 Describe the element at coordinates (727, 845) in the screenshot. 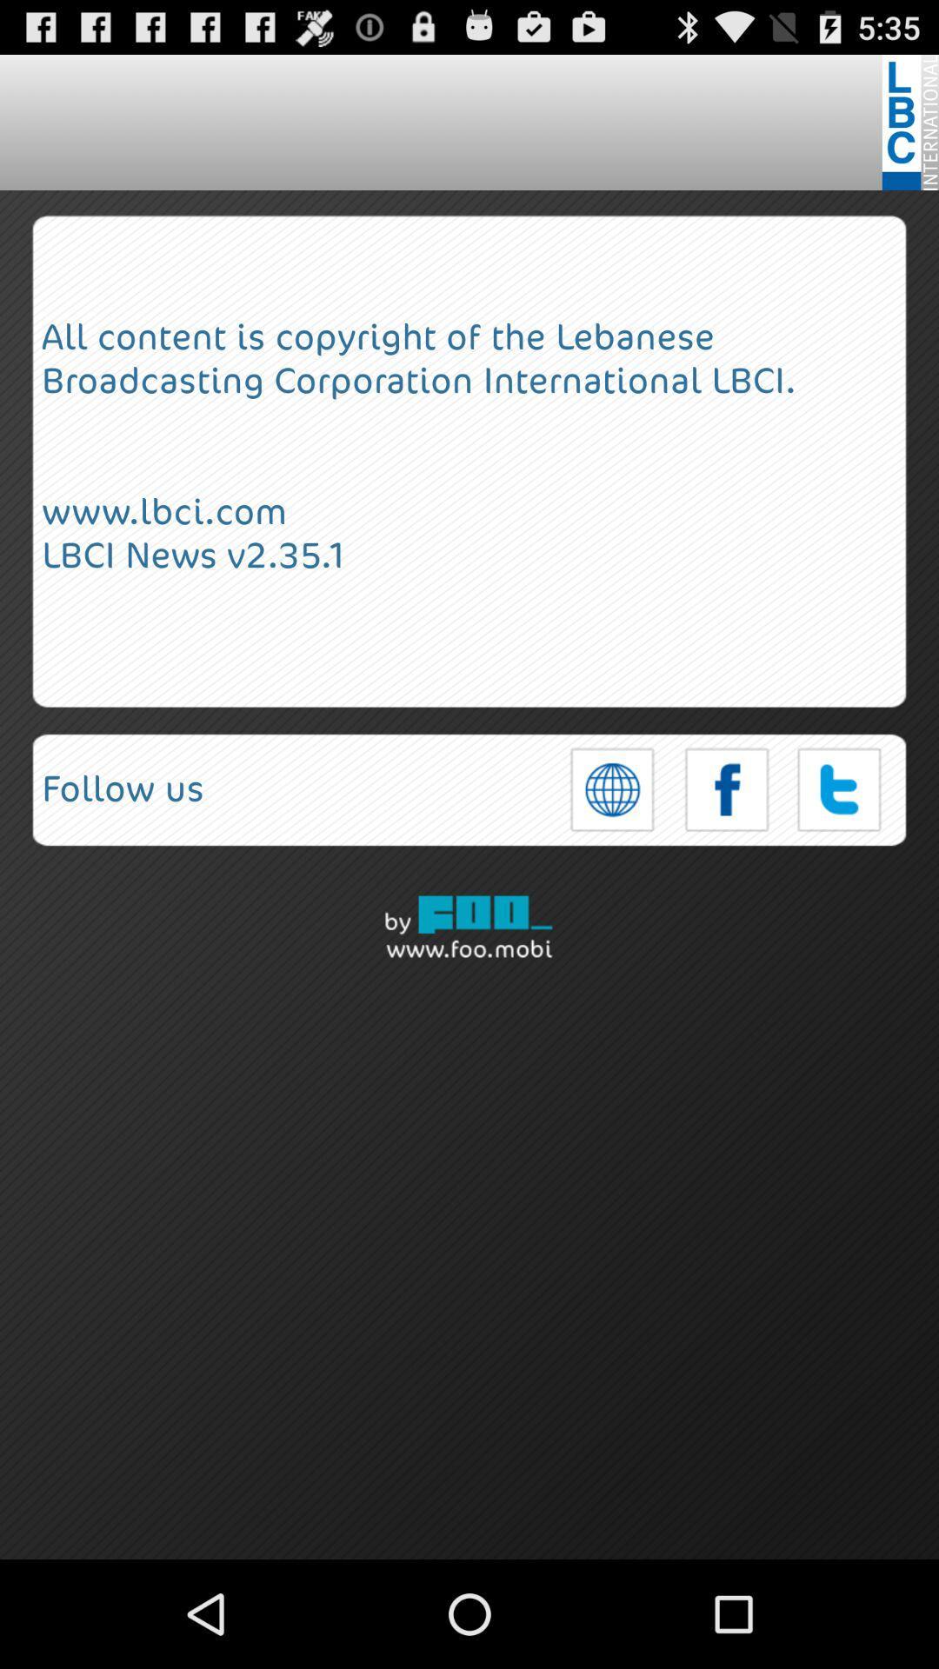

I see `the facebook icon` at that location.